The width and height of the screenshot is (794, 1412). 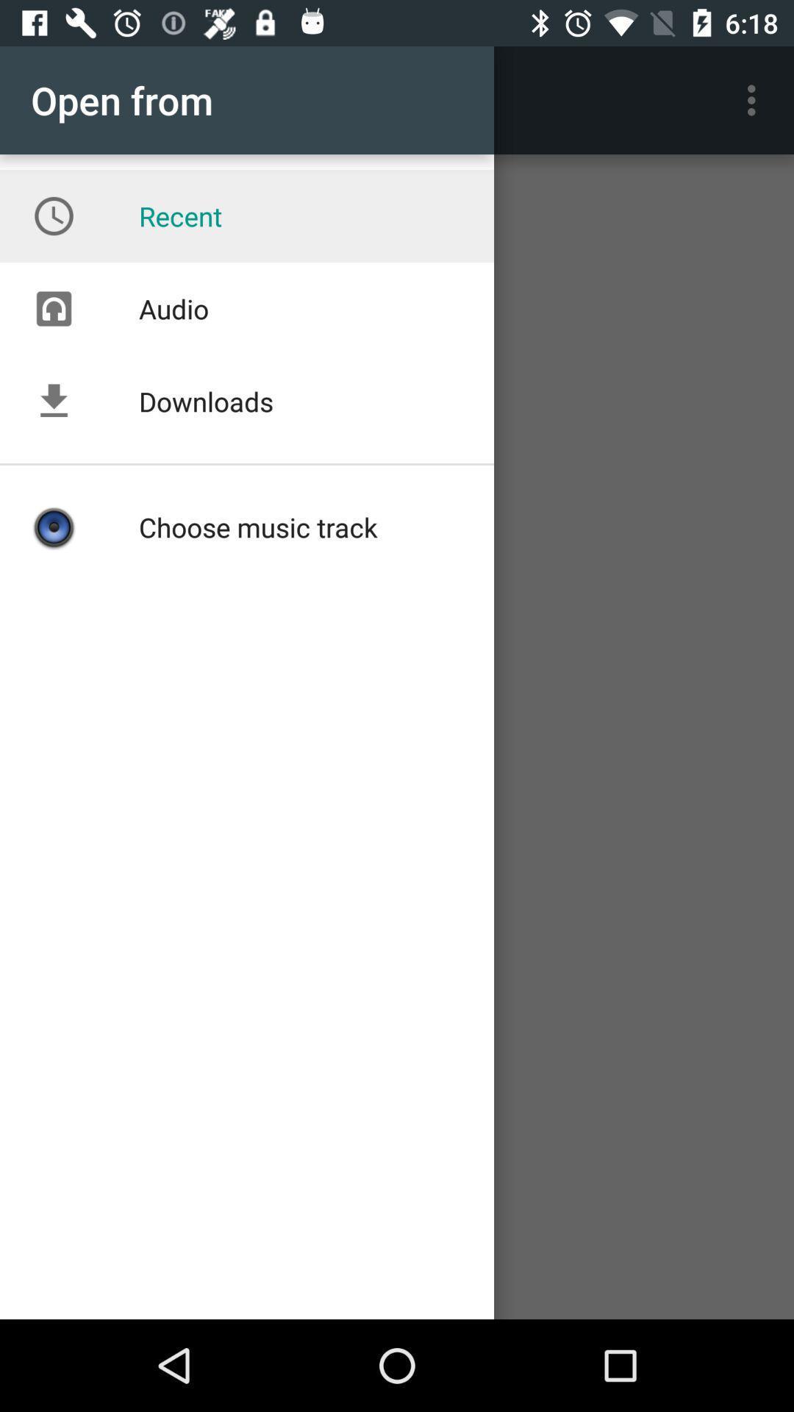 I want to click on the icon which is under the downloads, so click(x=53, y=527).